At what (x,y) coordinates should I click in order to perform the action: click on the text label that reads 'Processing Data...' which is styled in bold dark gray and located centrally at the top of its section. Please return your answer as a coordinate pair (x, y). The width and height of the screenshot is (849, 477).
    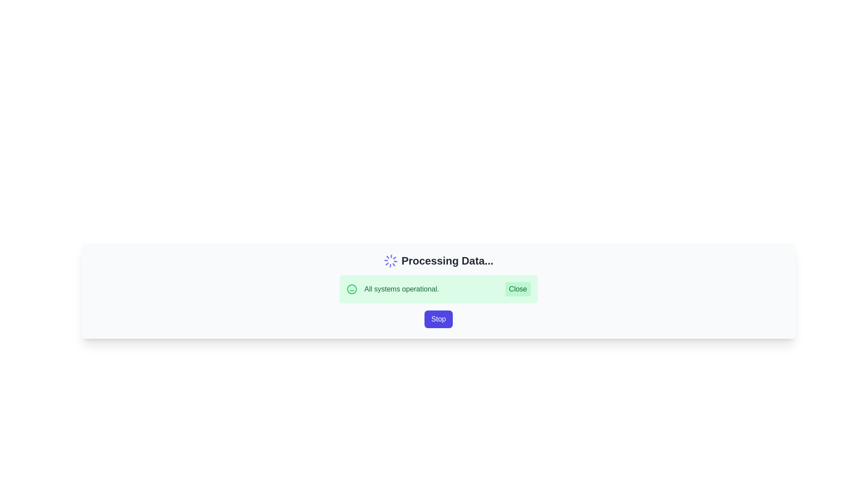
    Looking at the image, I should click on (447, 260).